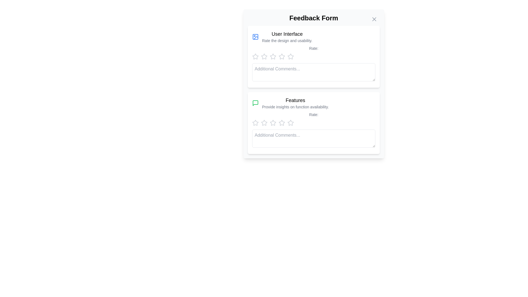  Describe the element at coordinates (295, 100) in the screenshot. I see `the text label stating 'Features', which is prominently styled in bold and larger font, serving as a header for a subsection, positioned to the right of a green icon` at that location.